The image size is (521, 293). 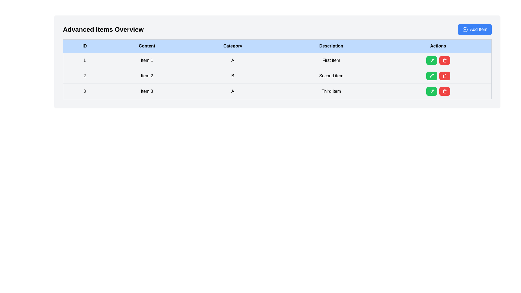 I want to click on the table cell displaying 'Item 1', located in the first row and second column of the table, so click(x=147, y=60).